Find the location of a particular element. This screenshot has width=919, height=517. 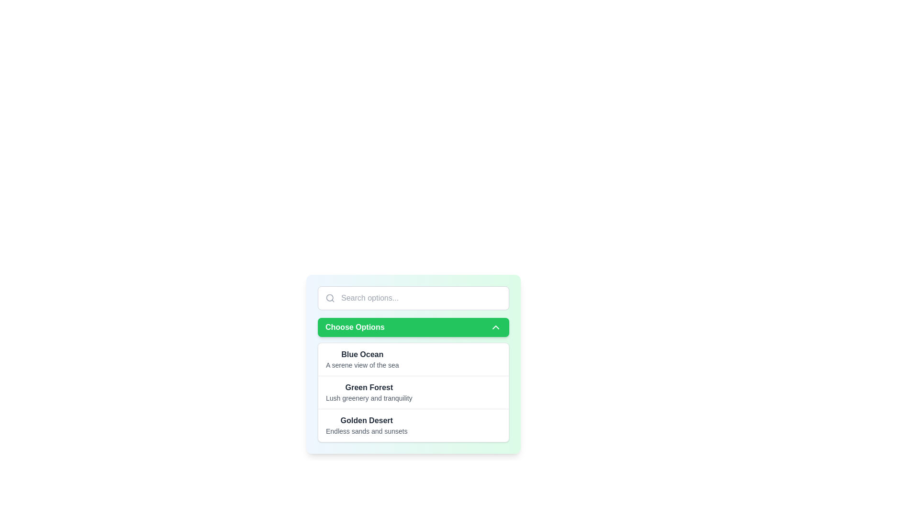

the last selectable item in the dropdown menu labeled 'Choose Options' is located at coordinates (414, 424).